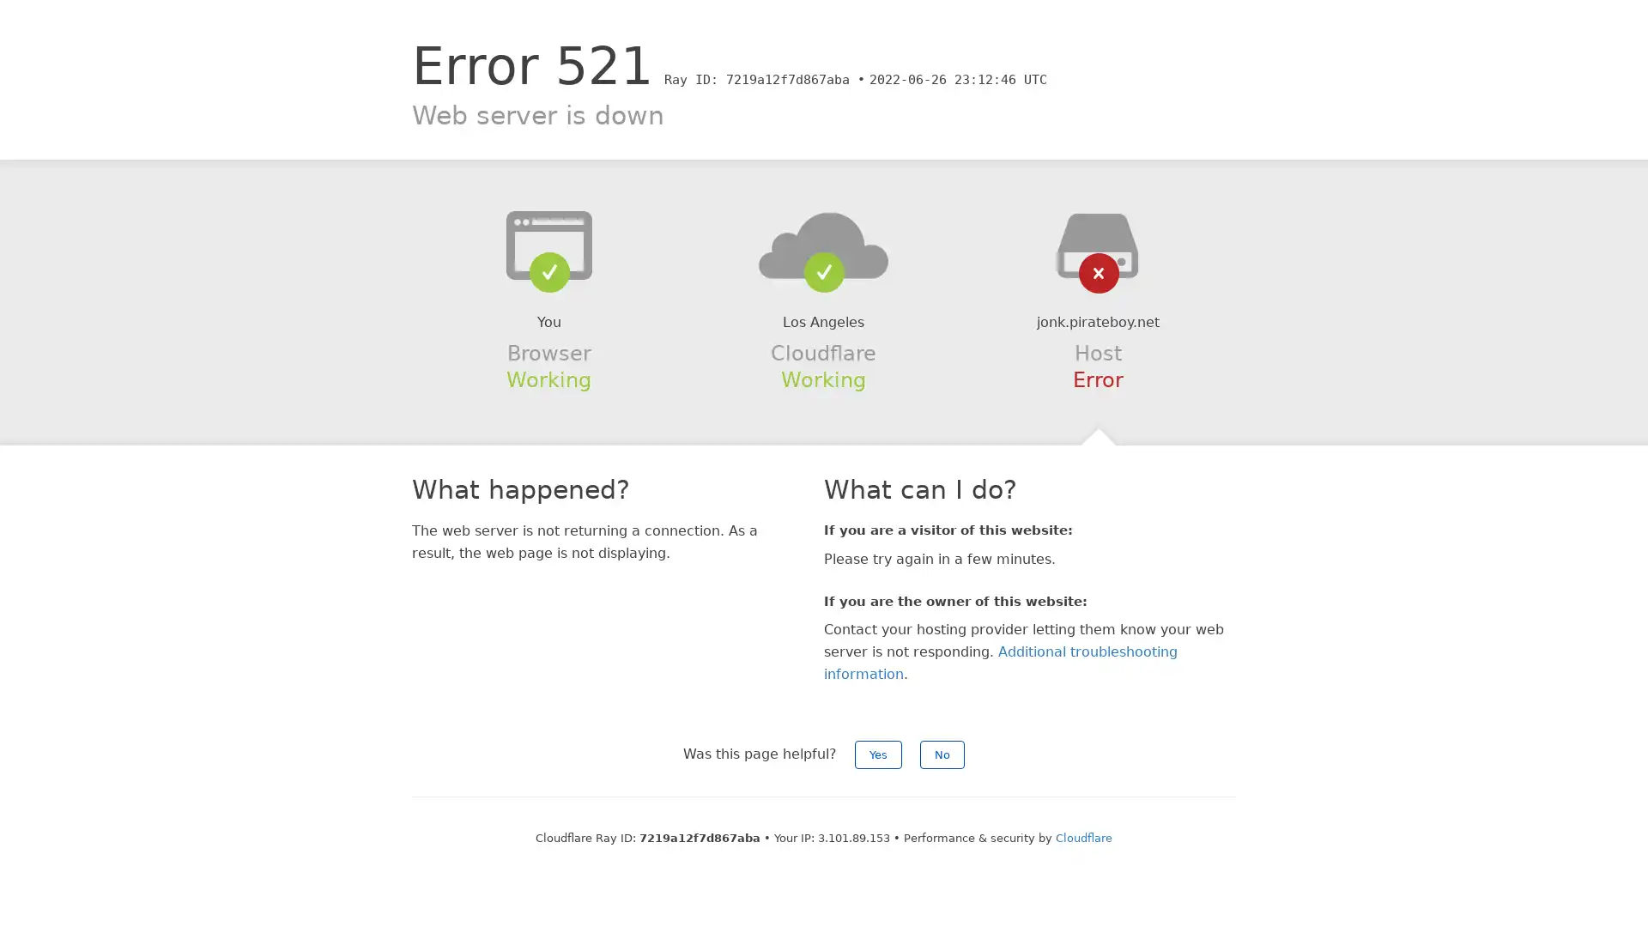 Image resolution: width=1648 pixels, height=927 pixels. Describe the element at coordinates (878, 754) in the screenshot. I see `Yes` at that location.